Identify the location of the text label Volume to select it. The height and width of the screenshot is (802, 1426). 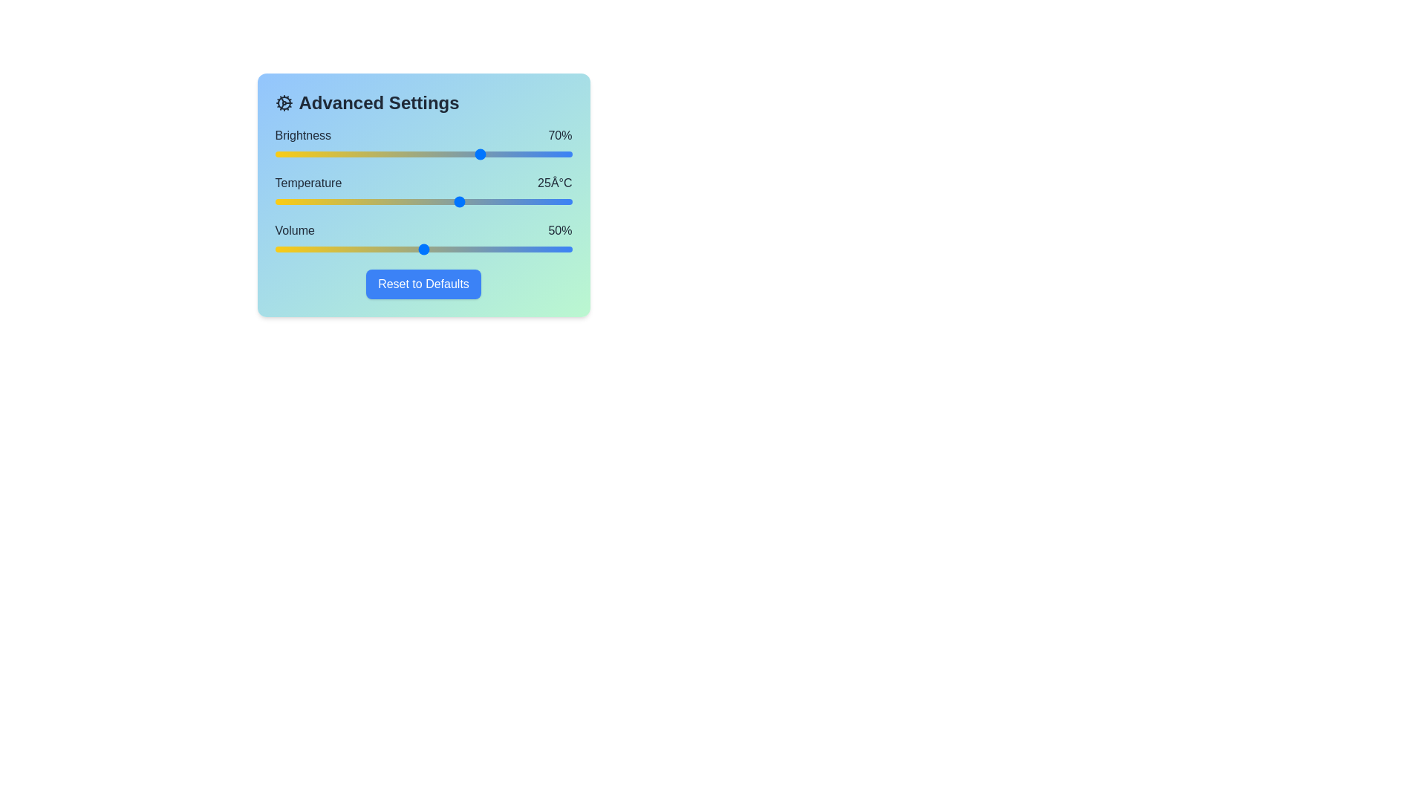
(295, 231).